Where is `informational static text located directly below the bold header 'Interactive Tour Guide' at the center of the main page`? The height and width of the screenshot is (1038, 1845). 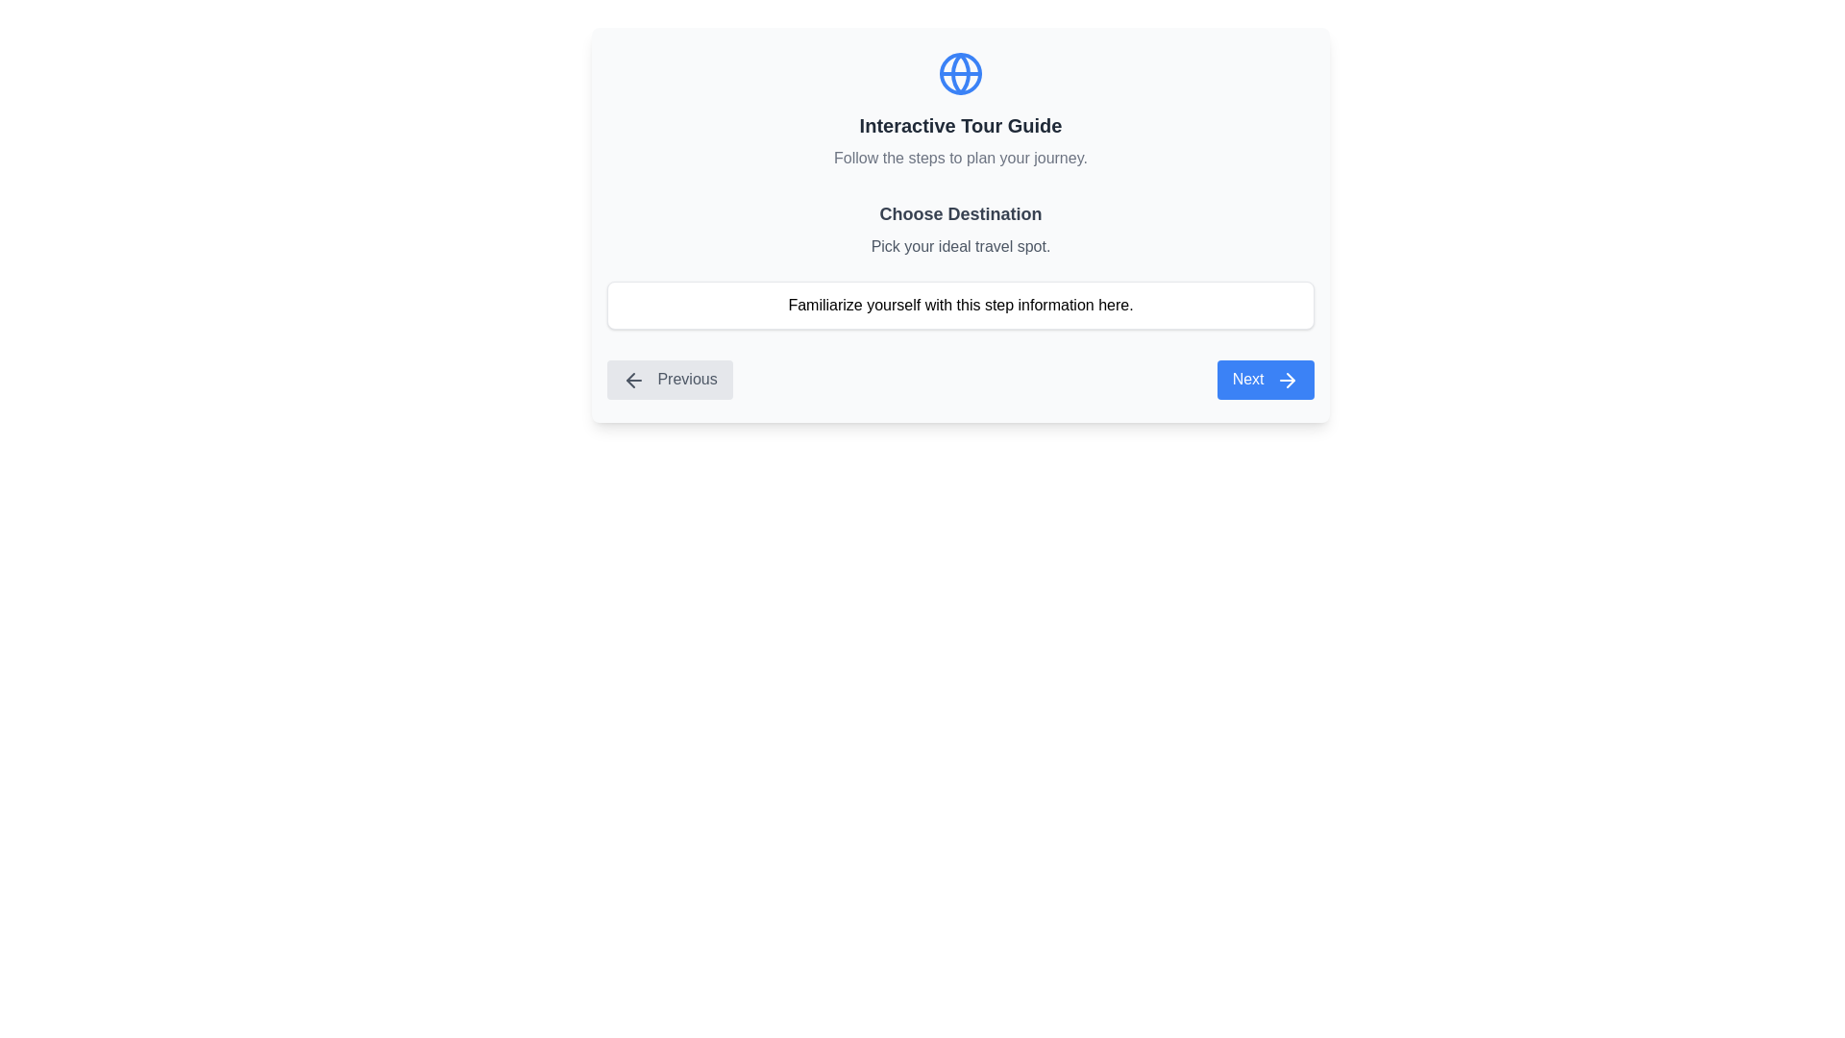 informational static text located directly below the bold header 'Interactive Tour Guide' at the center of the main page is located at coordinates (960, 158).